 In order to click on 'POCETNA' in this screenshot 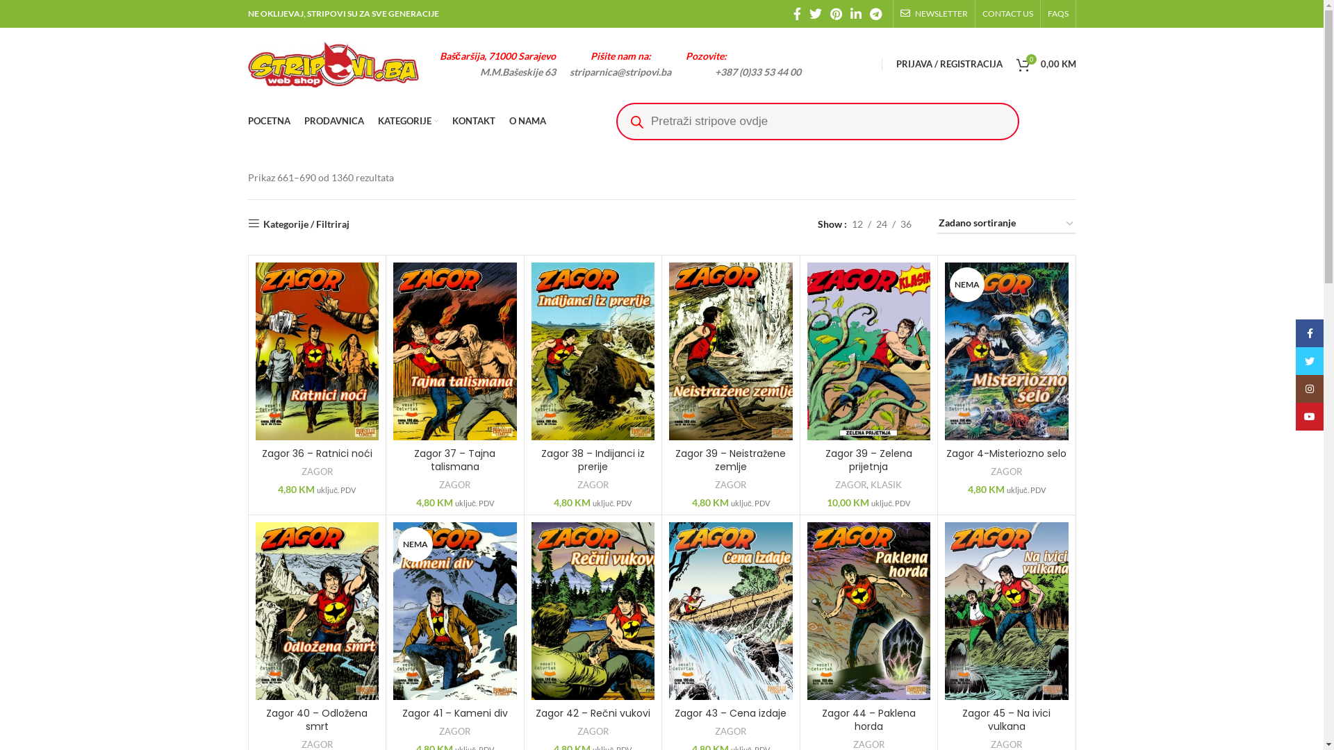, I will do `click(247, 120)`.